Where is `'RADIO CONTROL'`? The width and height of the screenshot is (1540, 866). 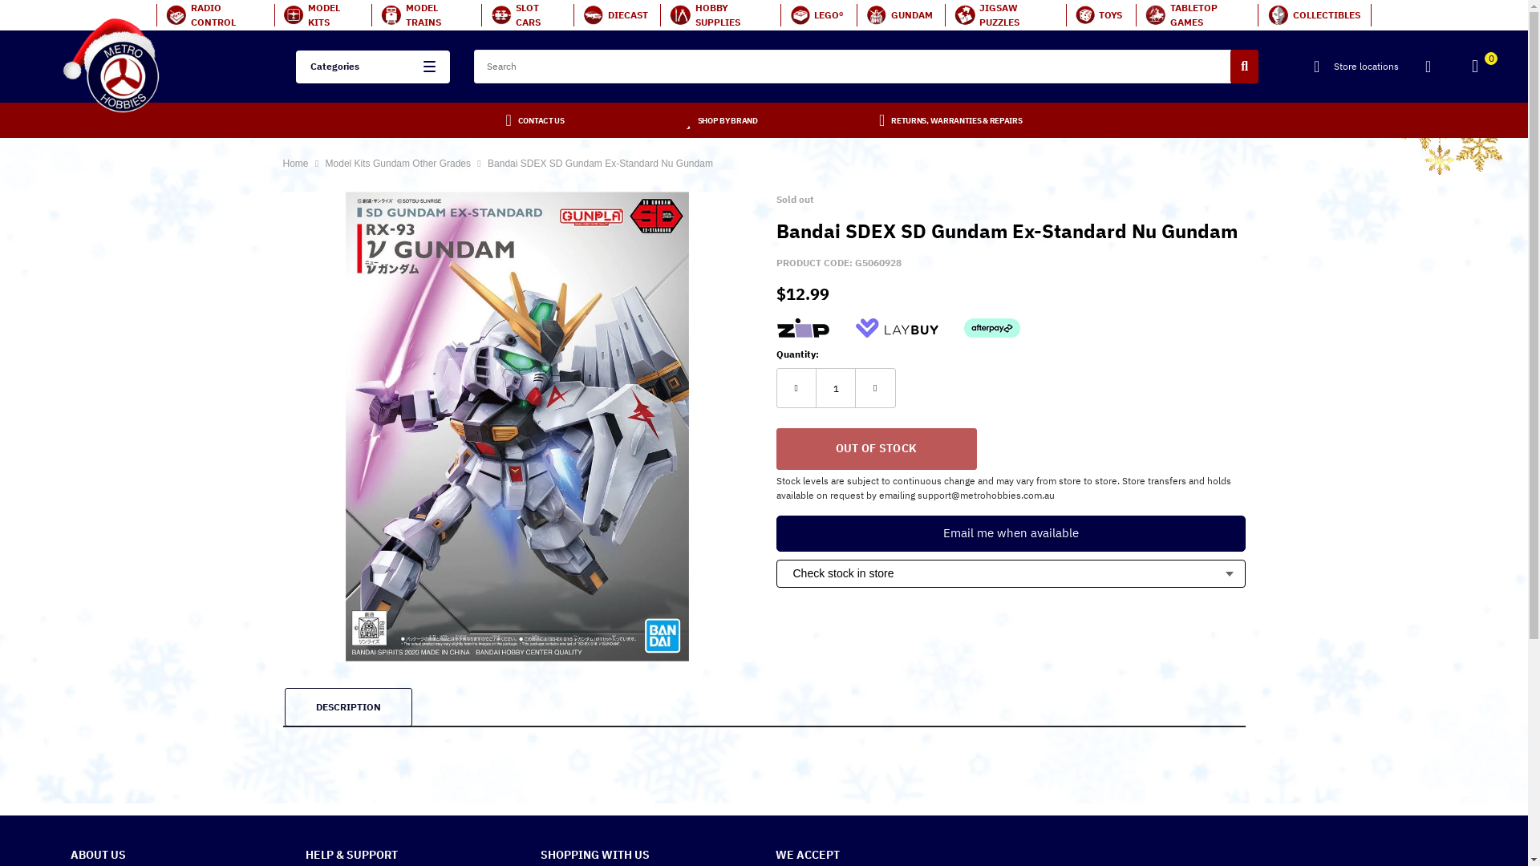
'RADIO CONTROL' is located at coordinates (214, 15).